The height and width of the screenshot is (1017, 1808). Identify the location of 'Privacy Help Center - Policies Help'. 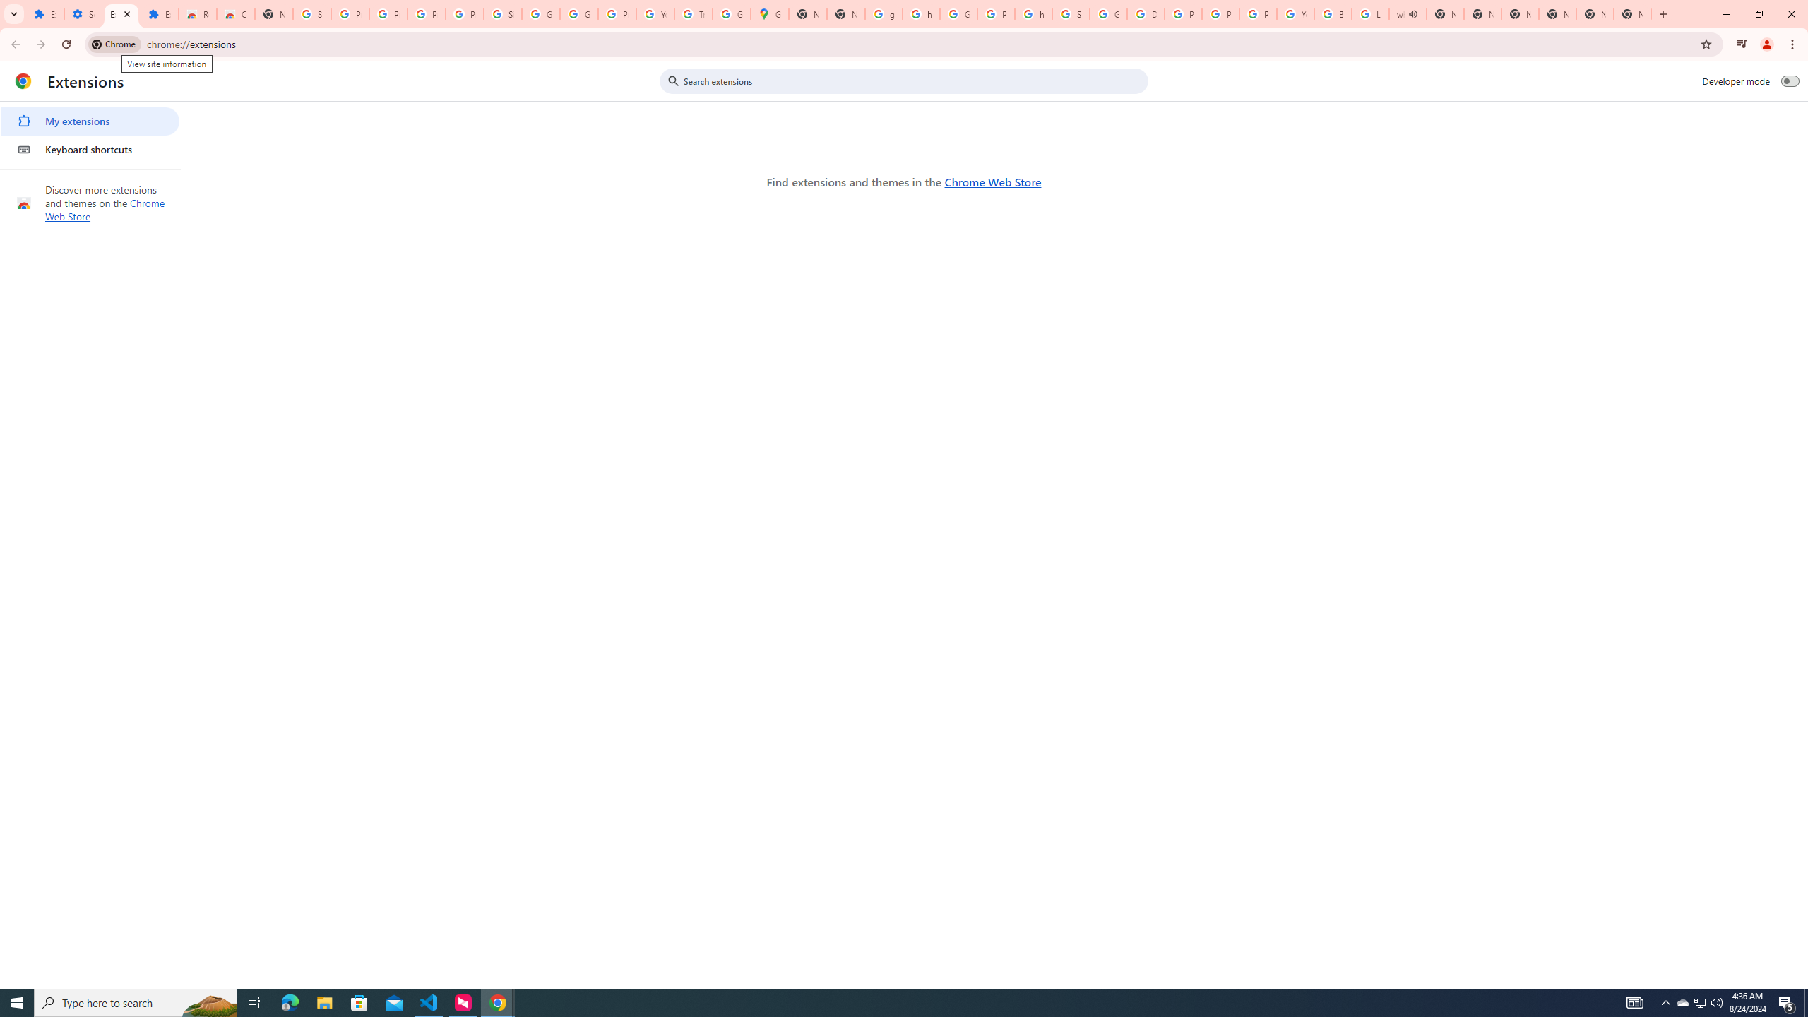
(1220, 13).